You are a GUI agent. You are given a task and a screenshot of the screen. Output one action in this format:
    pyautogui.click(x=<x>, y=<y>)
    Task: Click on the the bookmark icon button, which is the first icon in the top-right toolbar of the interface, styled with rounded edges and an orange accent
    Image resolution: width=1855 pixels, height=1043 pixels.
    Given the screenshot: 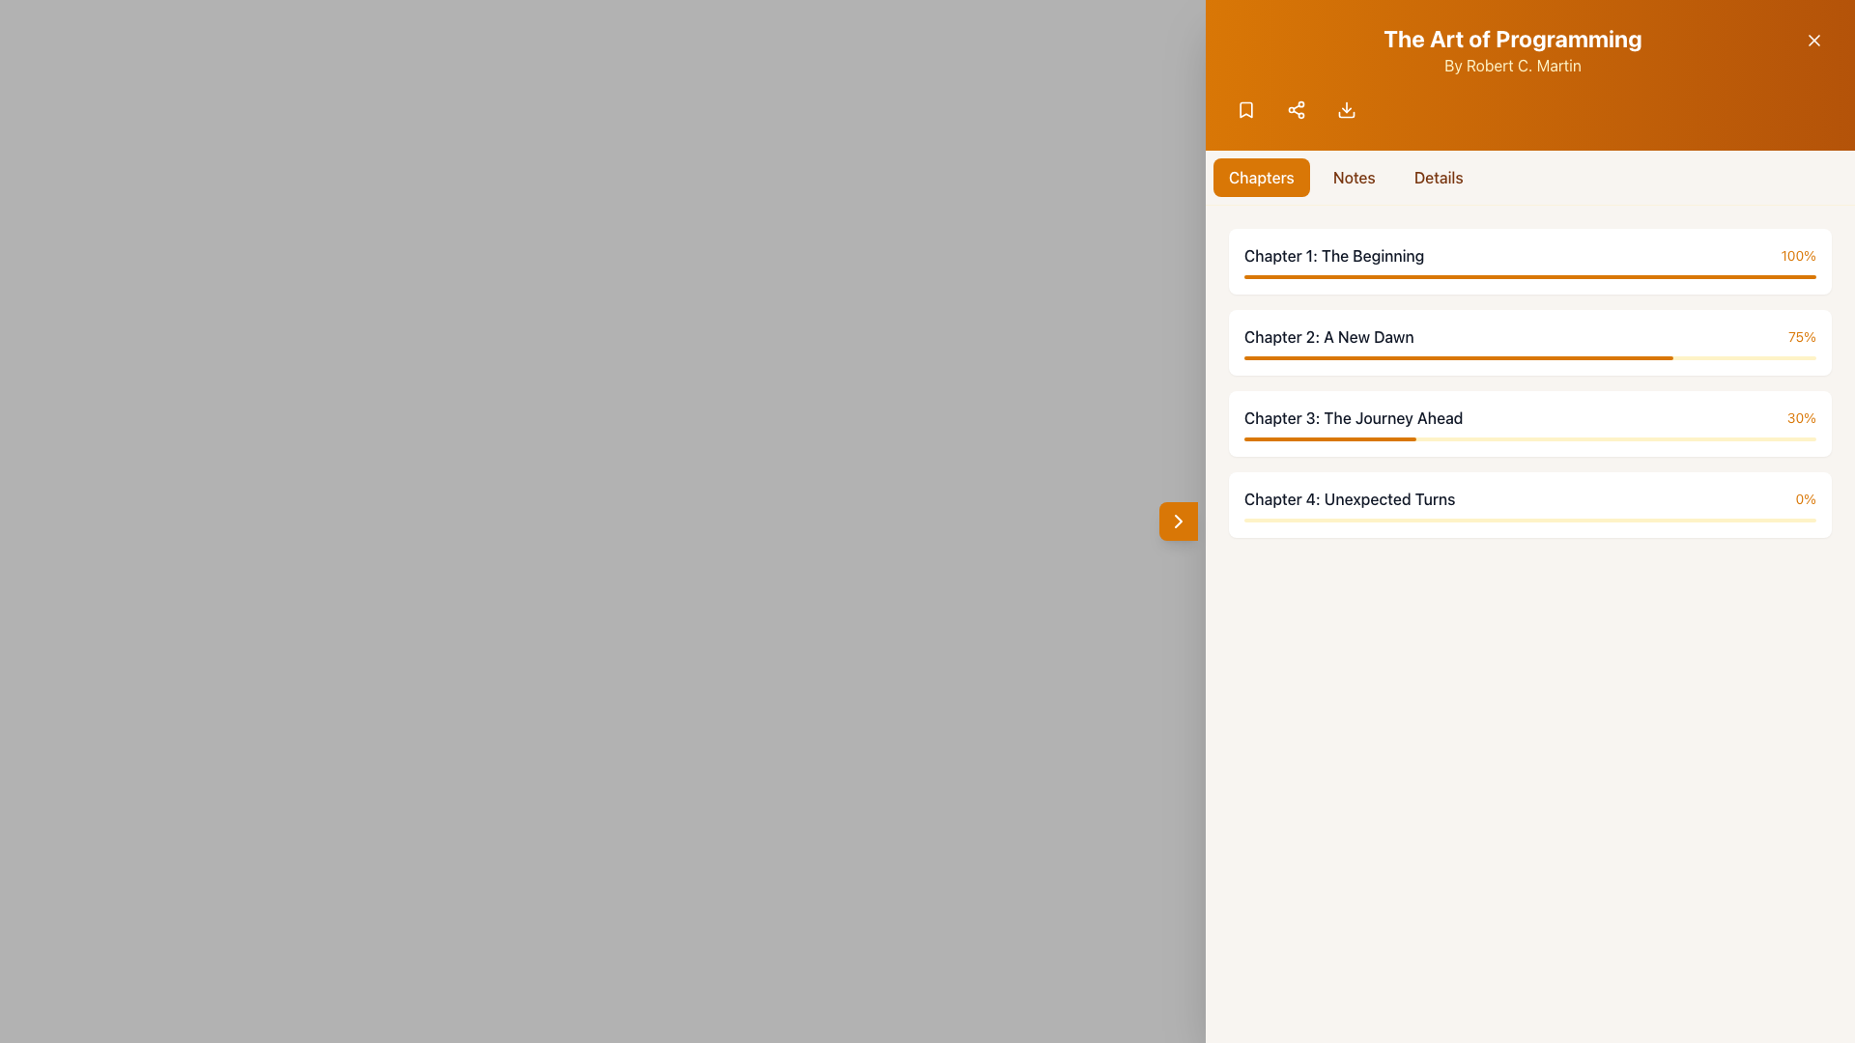 What is the action you would take?
    pyautogui.click(x=1246, y=110)
    